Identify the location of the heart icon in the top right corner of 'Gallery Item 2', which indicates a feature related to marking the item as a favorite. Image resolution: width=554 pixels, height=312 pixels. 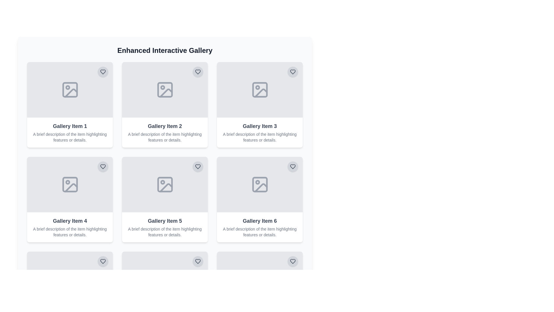
(198, 72).